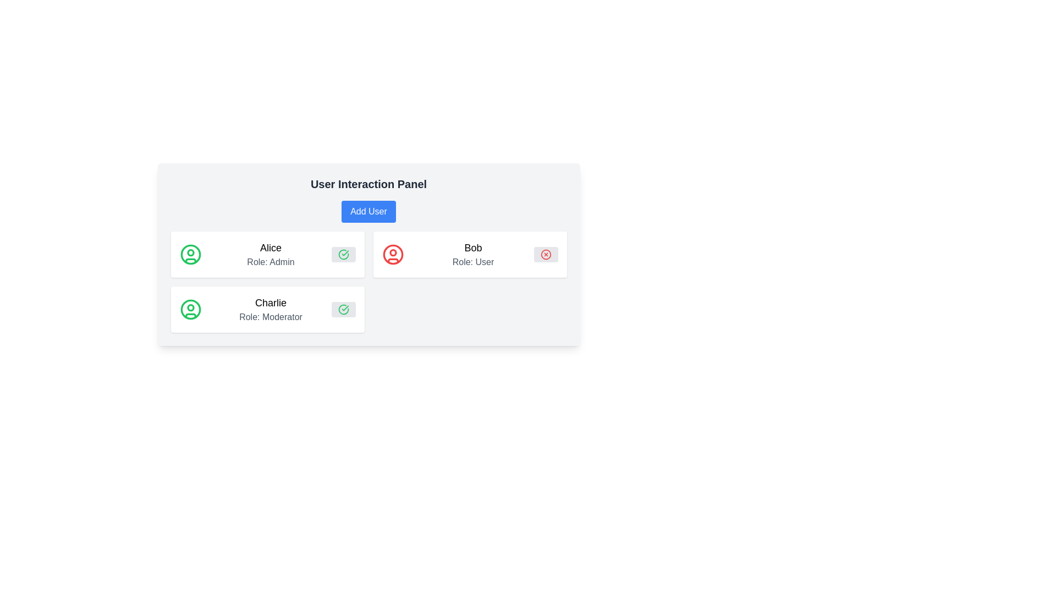 This screenshot has width=1056, height=594. I want to click on the text display component showing 'Charlie' above 'Role: Moderator' in a vertically stacked list of user entries, so click(271, 310).